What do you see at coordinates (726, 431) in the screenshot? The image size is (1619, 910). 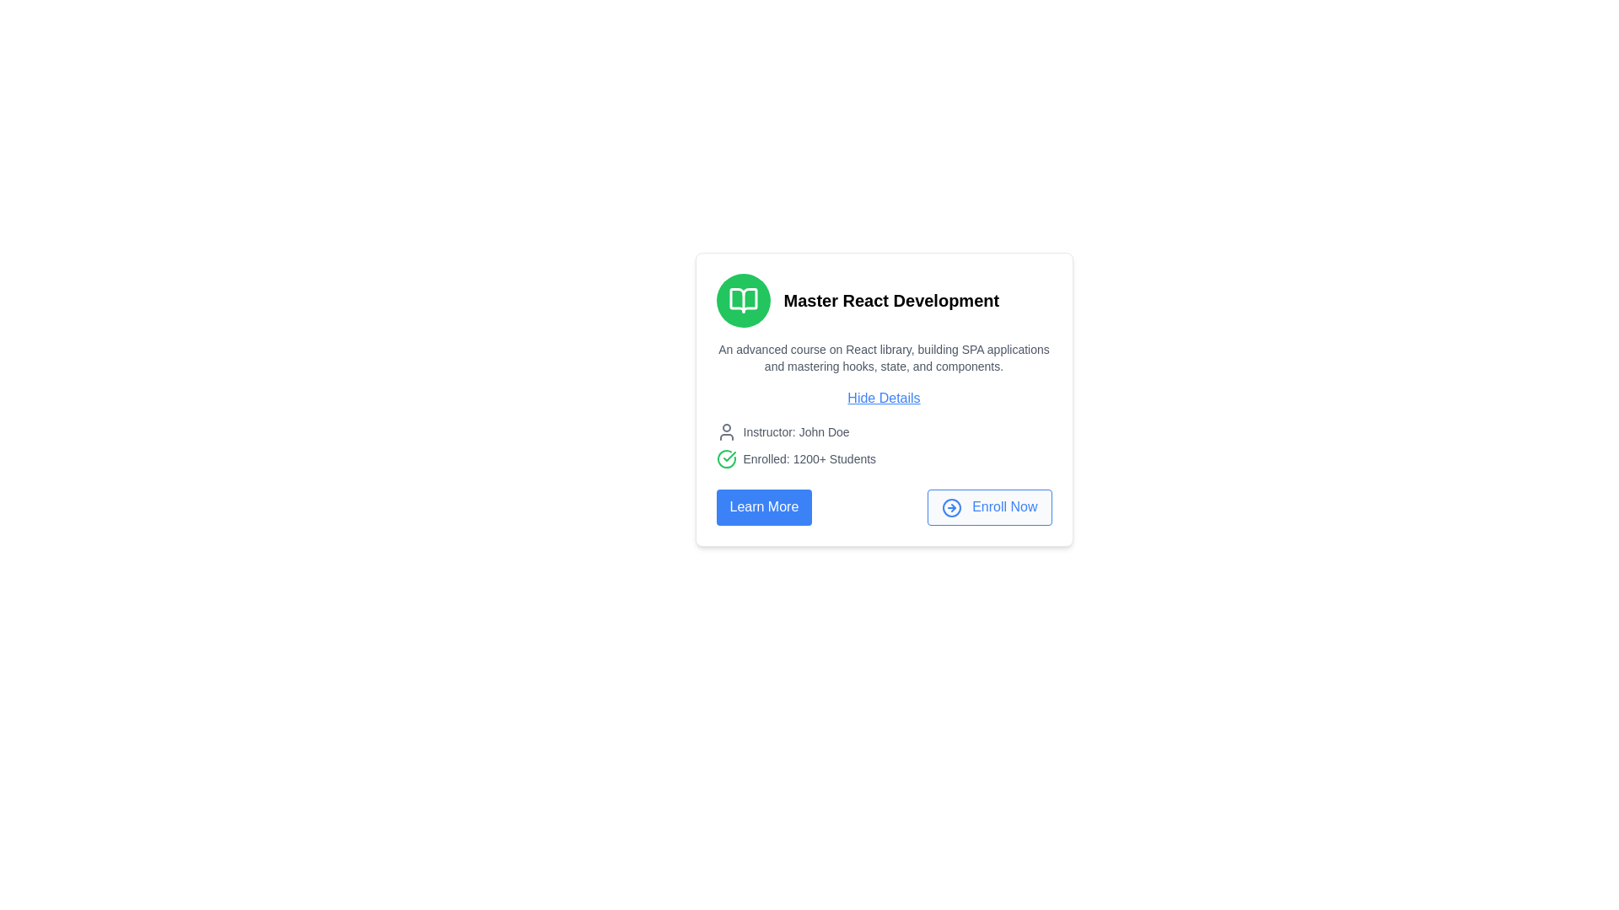 I see `the user icon representing 'Instructor: John Doe', which is a simplistic gray depiction of a person located to the left of the text` at bounding box center [726, 431].